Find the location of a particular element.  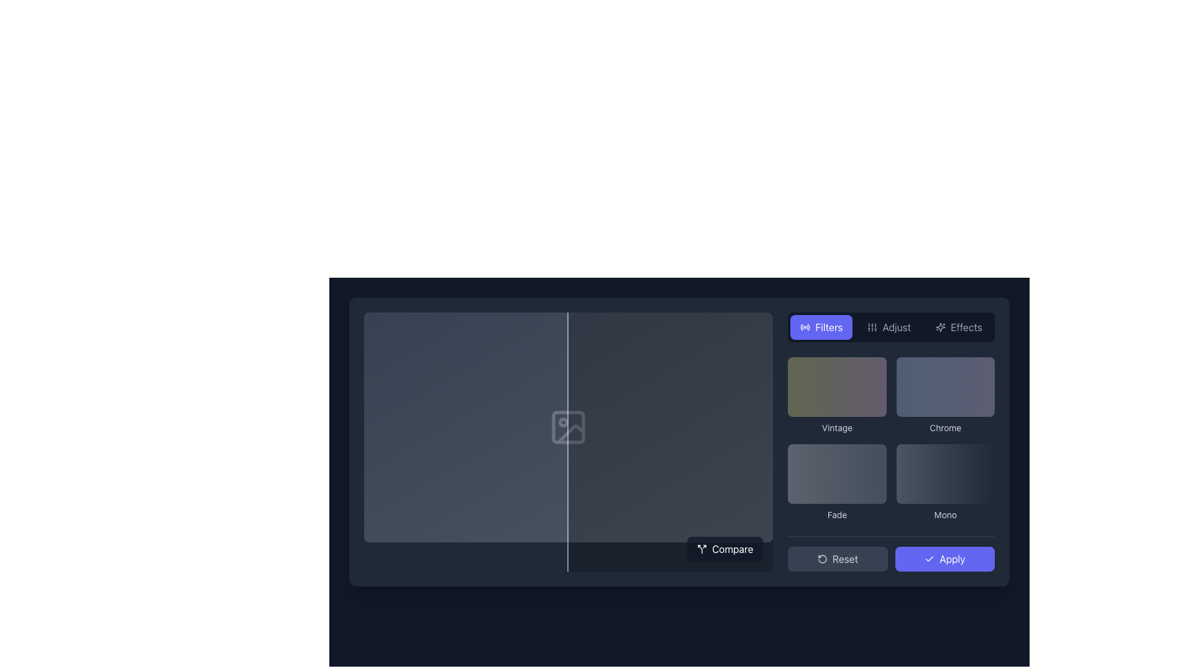

the 'Reset' button located at the bottom right corner of the interface is located at coordinates (838, 558).